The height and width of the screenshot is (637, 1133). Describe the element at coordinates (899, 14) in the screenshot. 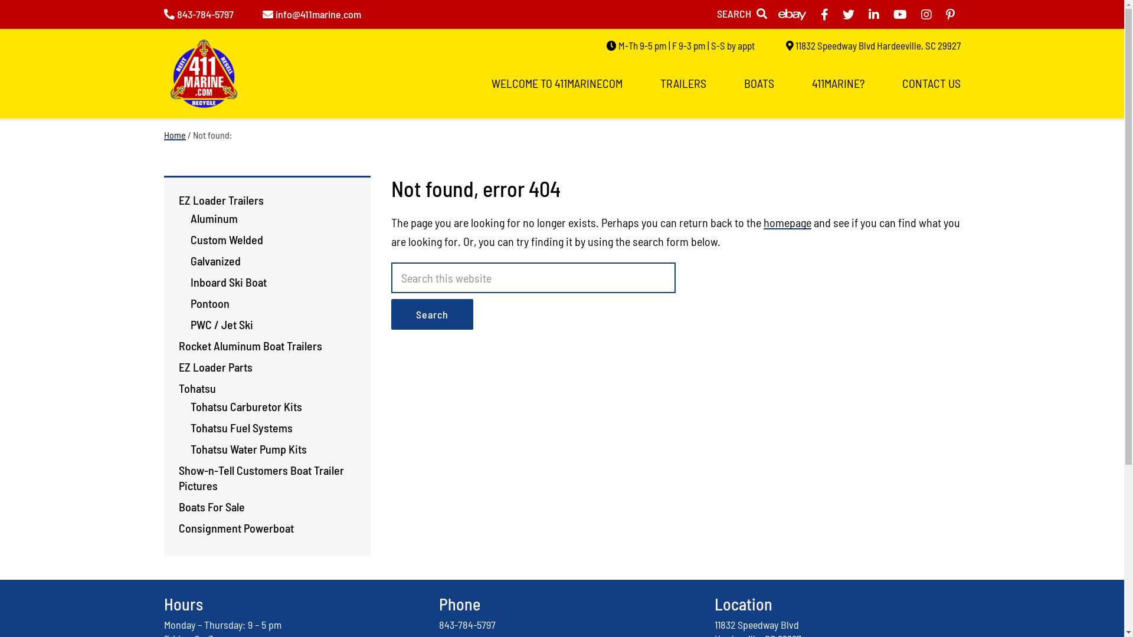

I see `'Youtube'` at that location.